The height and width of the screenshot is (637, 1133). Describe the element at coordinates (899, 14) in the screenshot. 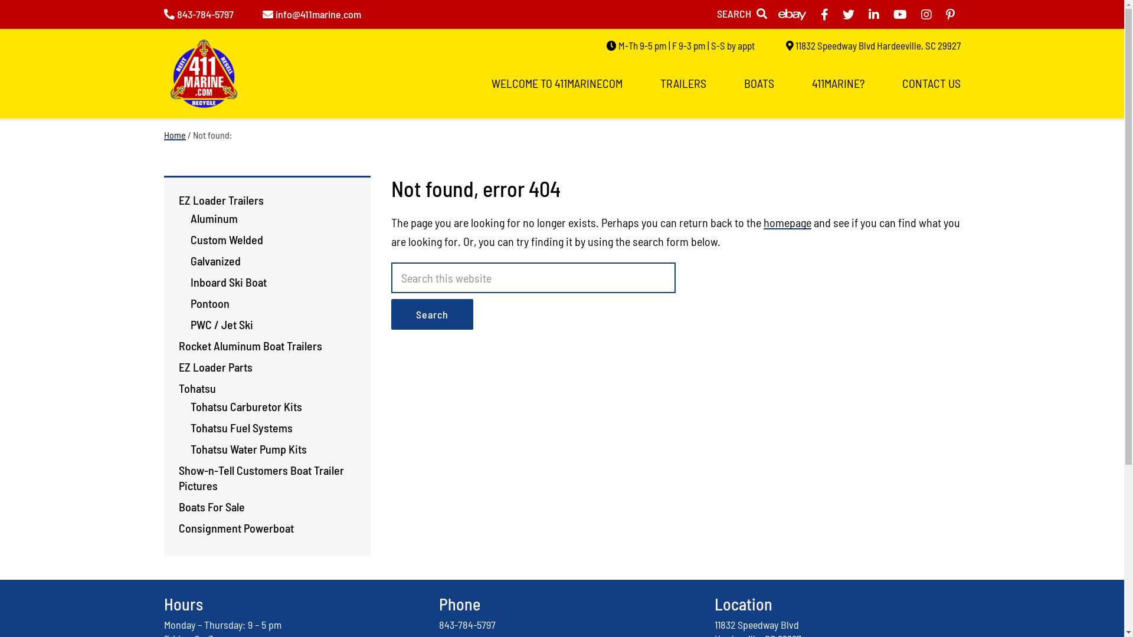

I see `'Youtube'` at that location.